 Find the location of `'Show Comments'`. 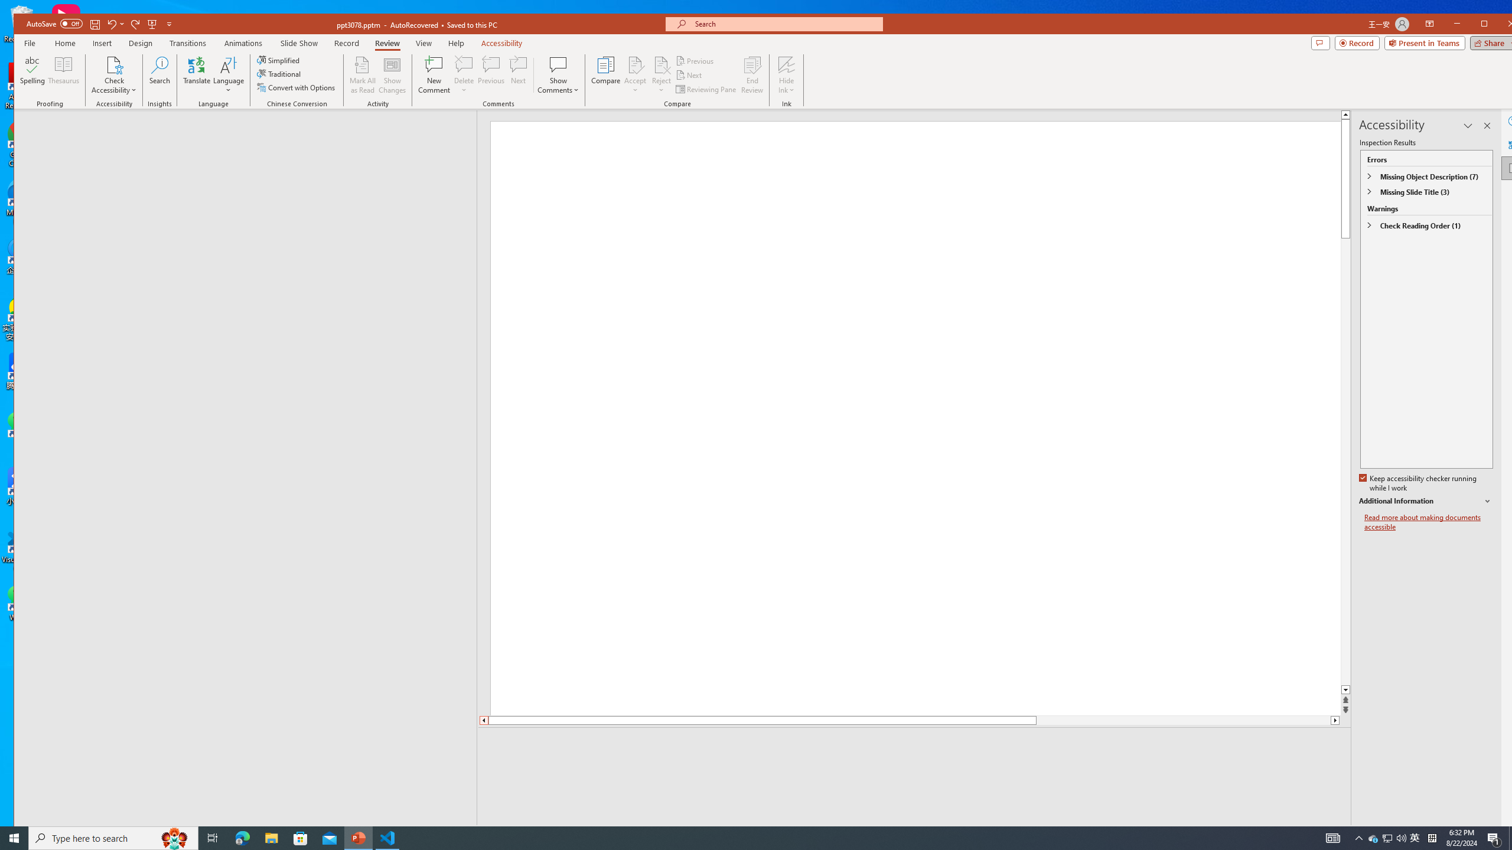

'Show Comments' is located at coordinates (558, 64).